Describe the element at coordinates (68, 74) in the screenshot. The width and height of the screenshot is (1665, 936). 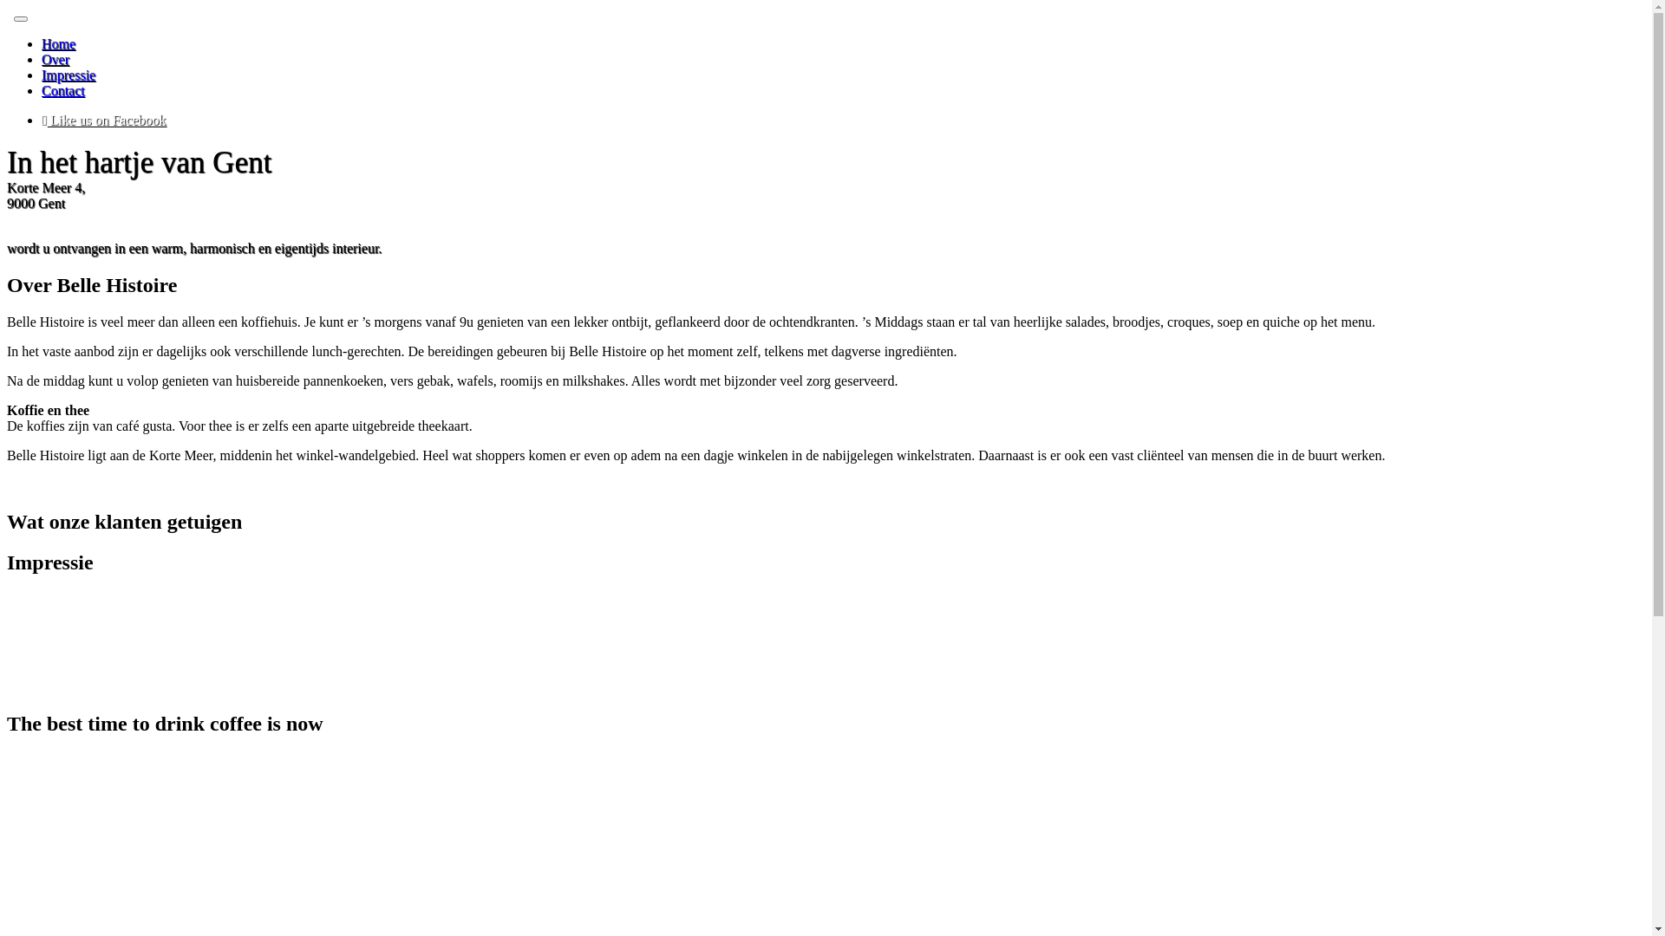
I see `'Impressie'` at that location.